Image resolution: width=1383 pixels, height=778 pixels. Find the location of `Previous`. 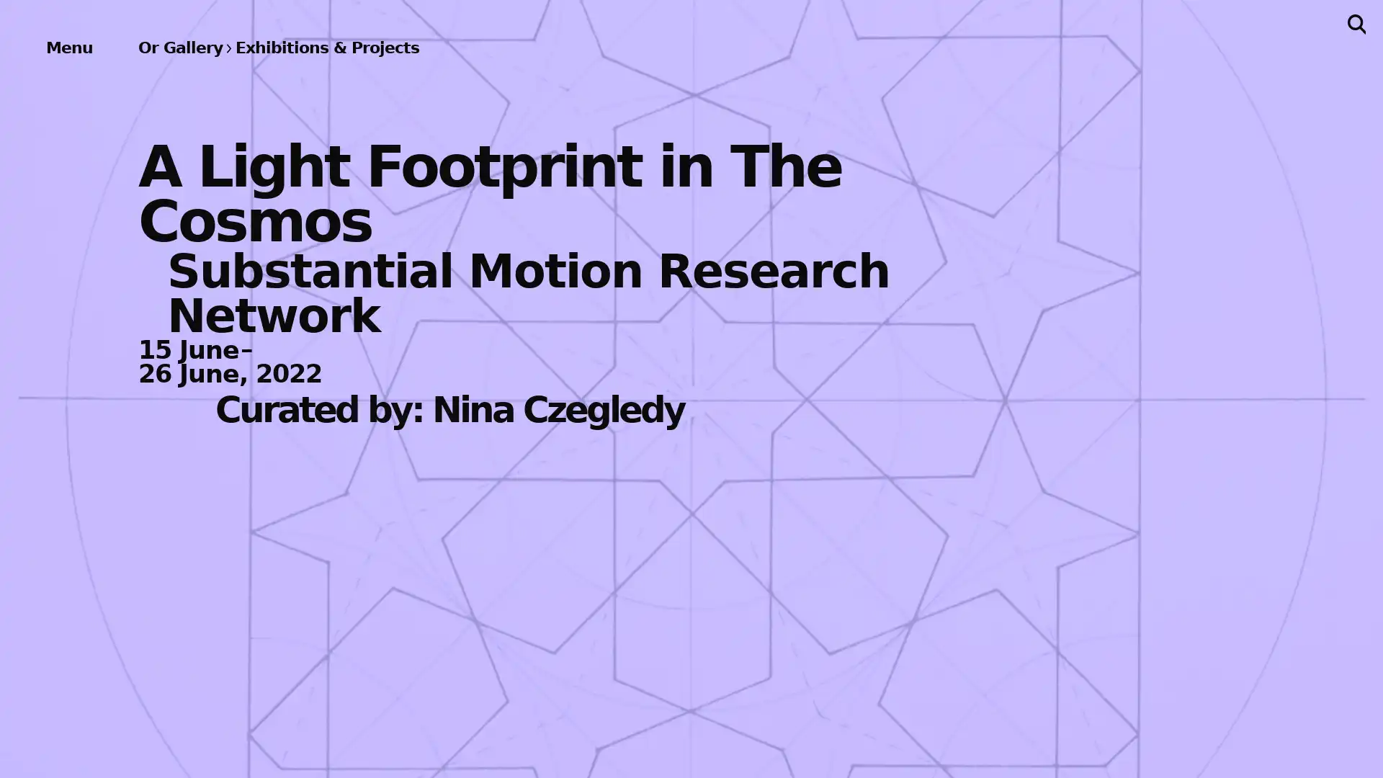

Previous is located at coordinates (414, 389).